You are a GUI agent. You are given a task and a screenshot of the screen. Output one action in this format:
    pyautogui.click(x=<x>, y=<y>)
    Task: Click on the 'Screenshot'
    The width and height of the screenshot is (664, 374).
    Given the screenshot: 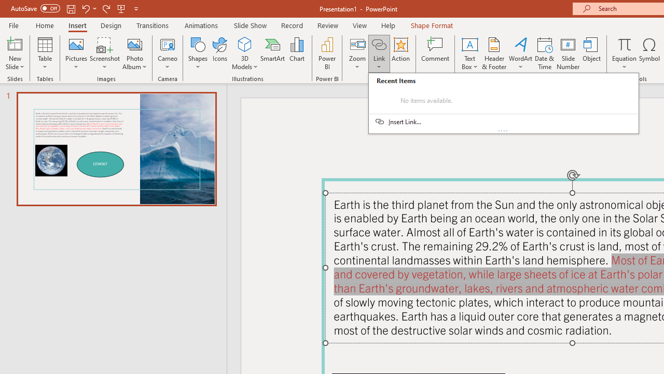 What is the action you would take?
    pyautogui.click(x=105, y=54)
    